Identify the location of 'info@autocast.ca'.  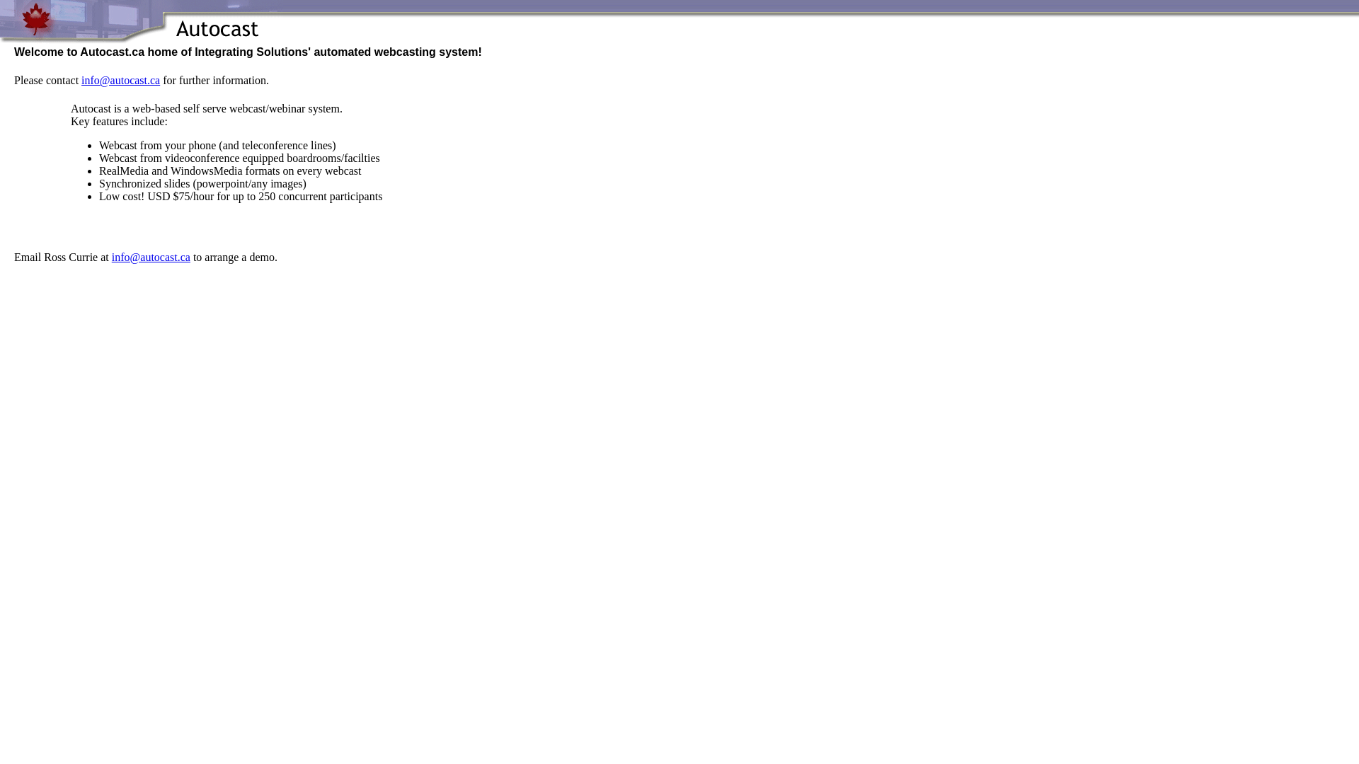
(120, 80).